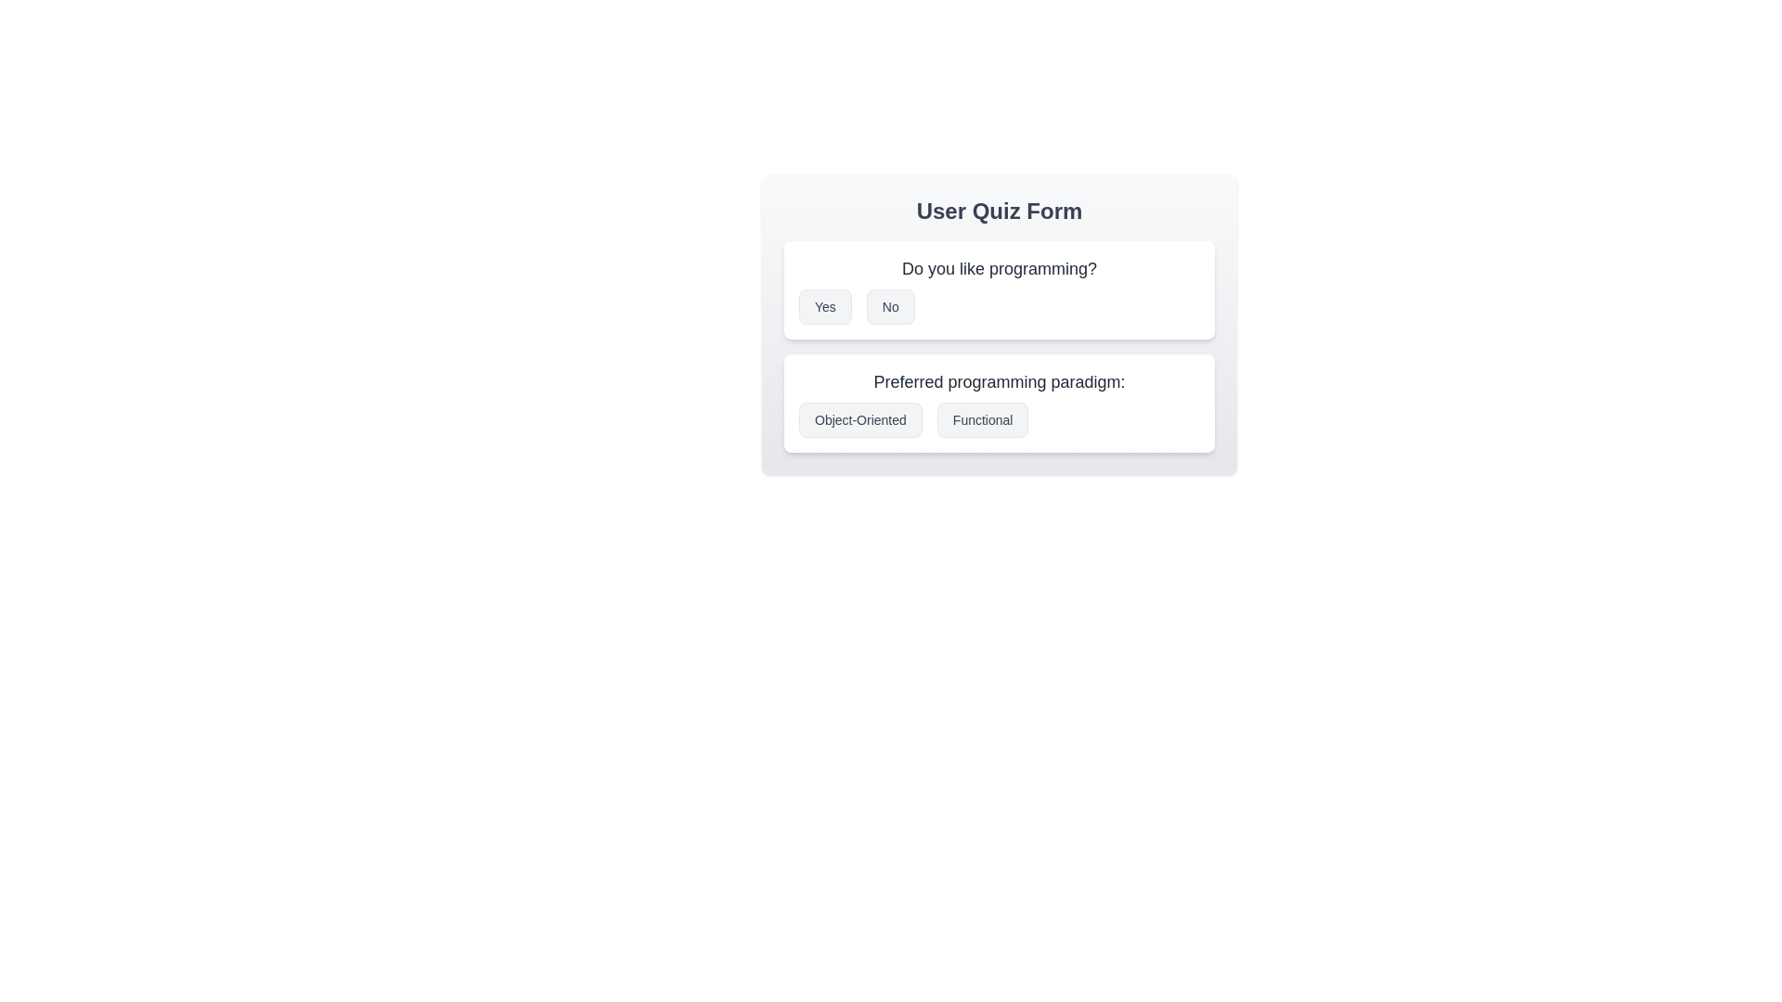 This screenshot has width=1782, height=1002. I want to click on the group of interactive buttons labeled 'Yes' and 'No' that appear below the prompt 'Do you like programming?', so click(998, 306).